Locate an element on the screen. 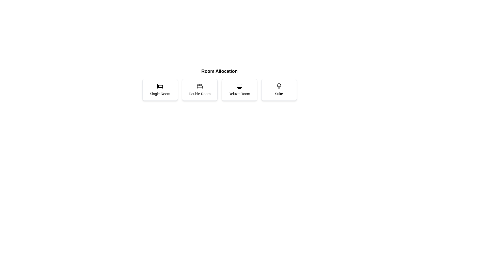  the button corresponding to the room type Suite is located at coordinates (279, 90).